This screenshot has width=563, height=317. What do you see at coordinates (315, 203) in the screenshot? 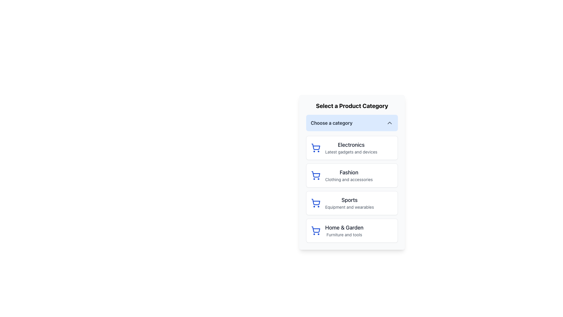
I see `the first icon on the left within the horizontal layout of the 'Sports Equipment and wearables' card, which is the third option in the vertical list under 'Select a Product Category'` at bounding box center [315, 203].